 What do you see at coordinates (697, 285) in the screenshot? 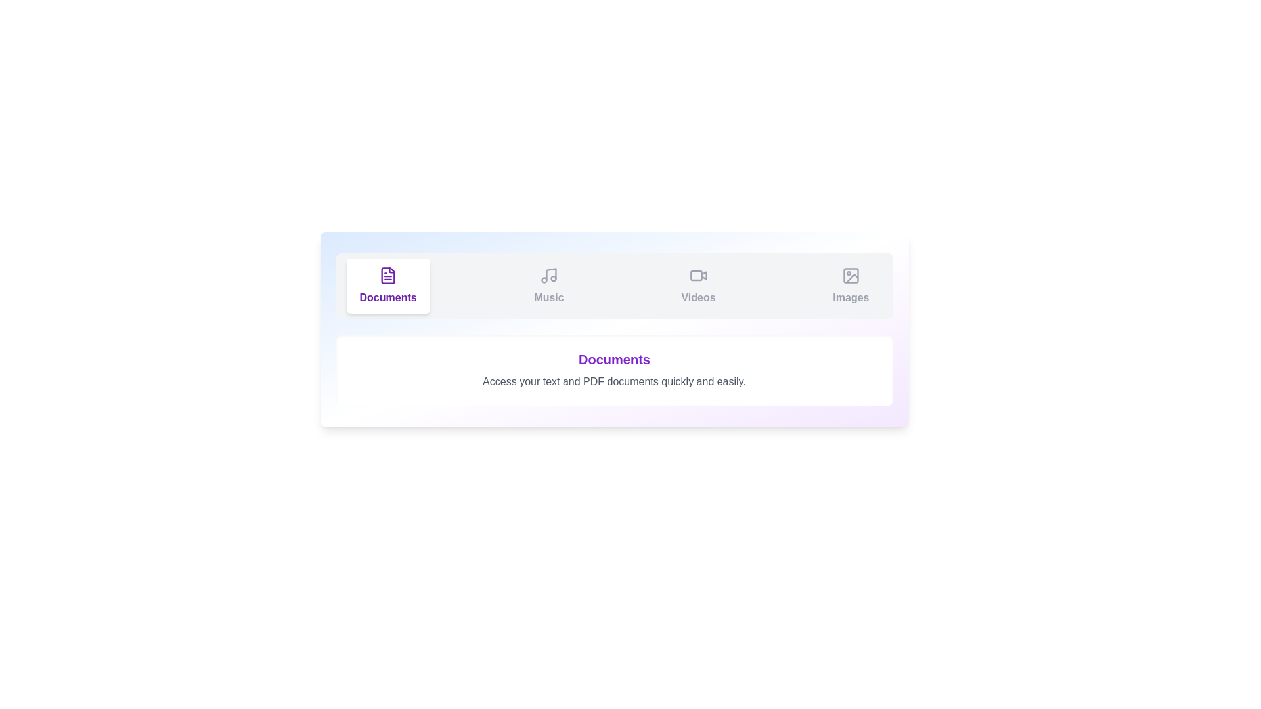
I see `the tab labeled Videos to view its content` at bounding box center [697, 285].